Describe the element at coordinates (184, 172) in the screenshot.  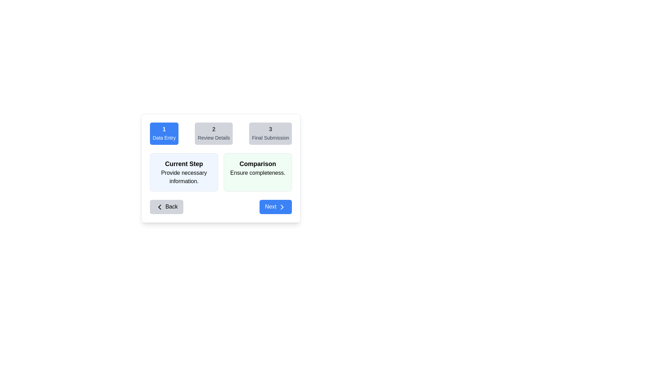
I see `the Informational card which has 'Current Step' in bold and 'Provide necessary information.' in smaller font, located on the left side of the sibling card labeled 'Comparison Ensure completeness'` at that location.